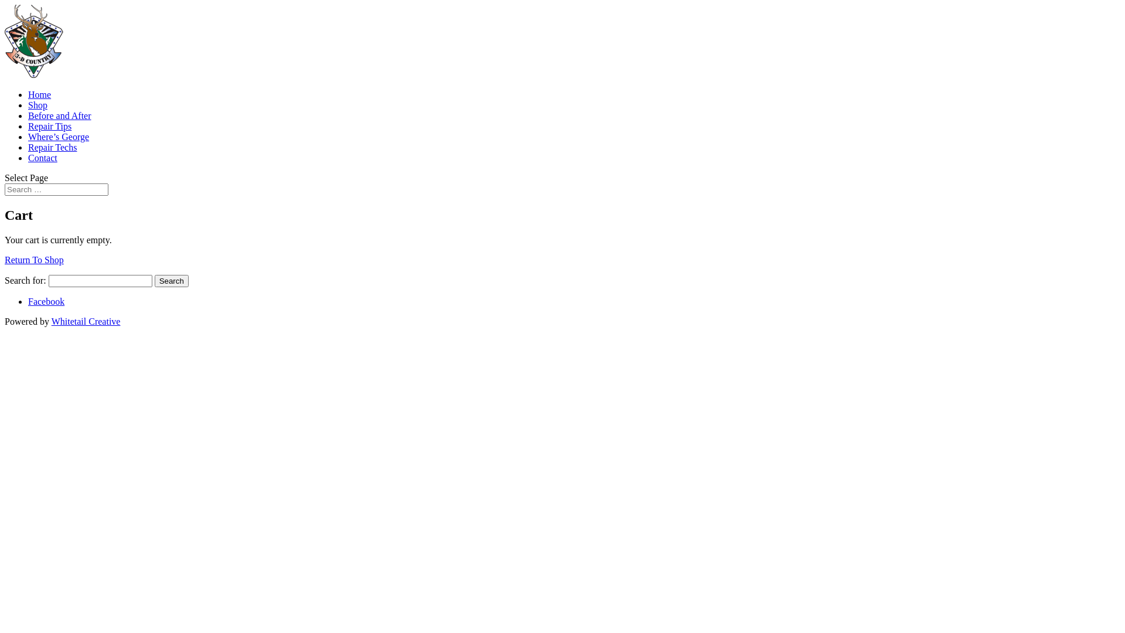  Describe the element at coordinates (49, 126) in the screenshot. I see `'Repair Tips'` at that location.